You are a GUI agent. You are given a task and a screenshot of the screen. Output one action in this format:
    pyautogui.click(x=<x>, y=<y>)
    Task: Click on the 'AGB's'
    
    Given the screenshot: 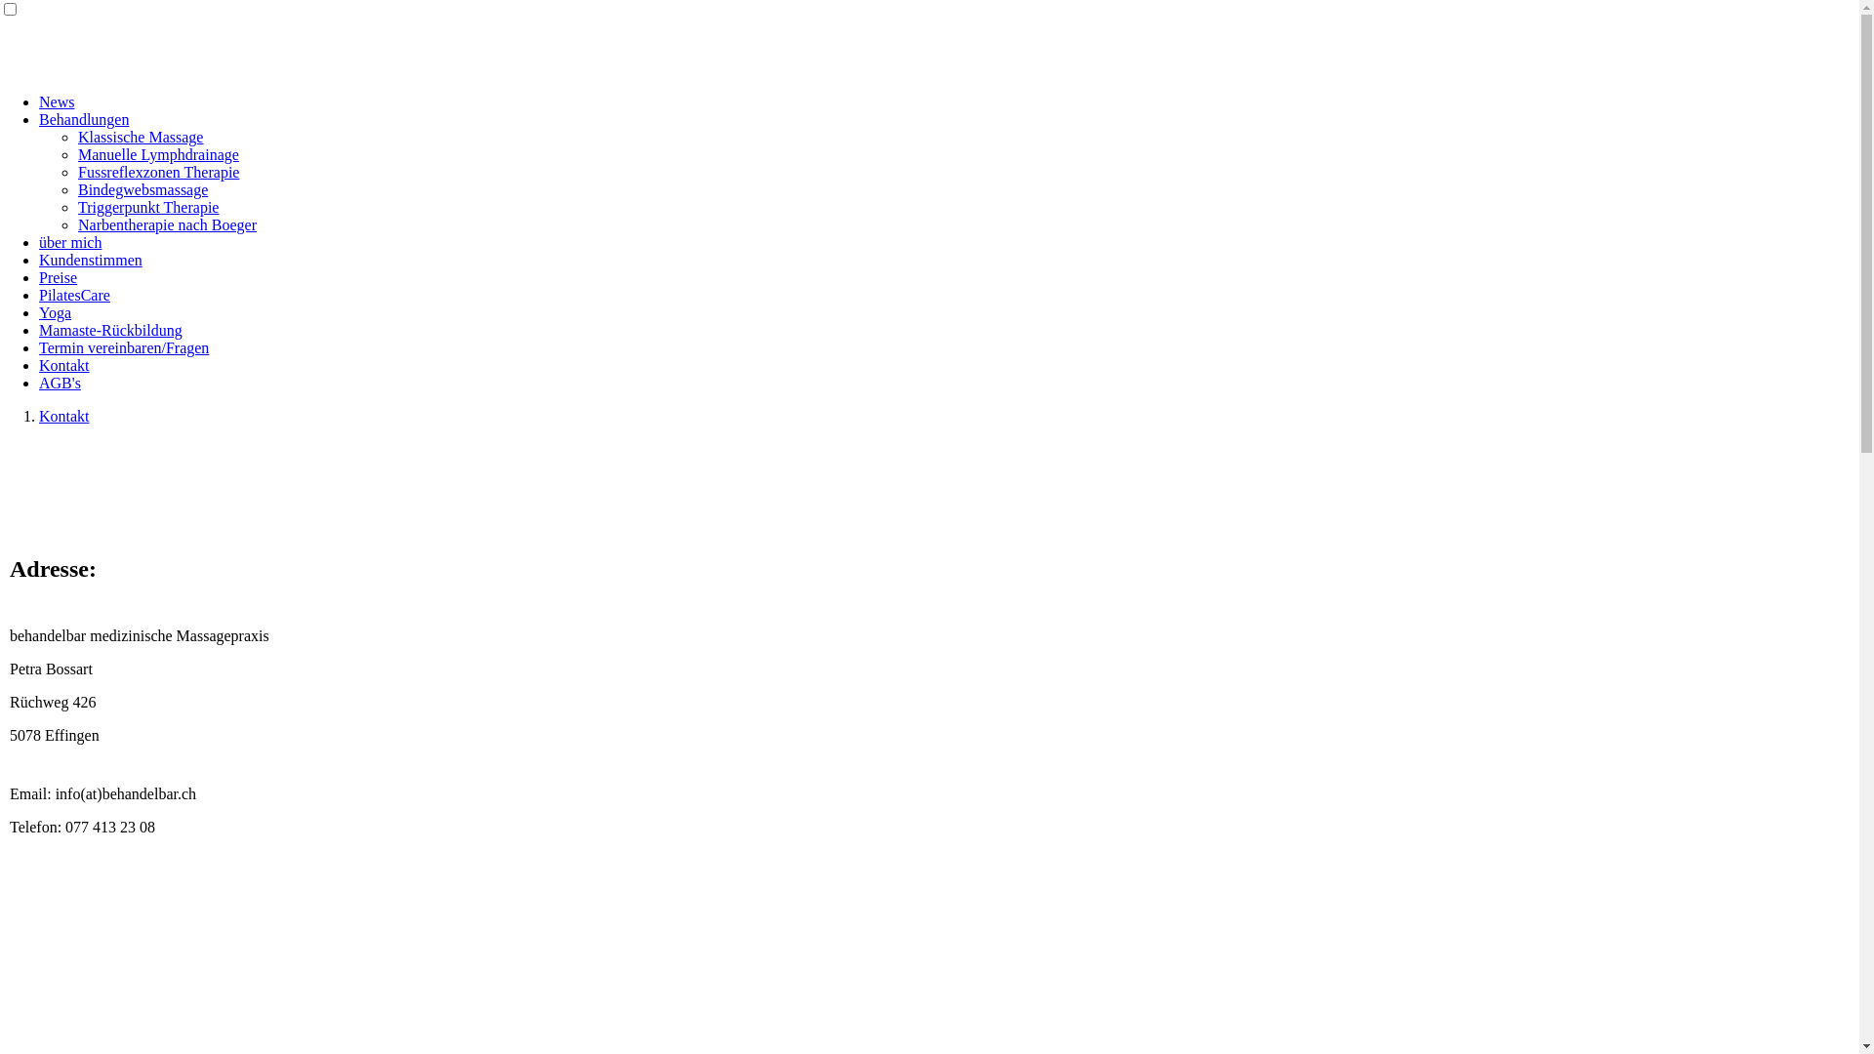 What is the action you would take?
    pyautogui.click(x=60, y=383)
    